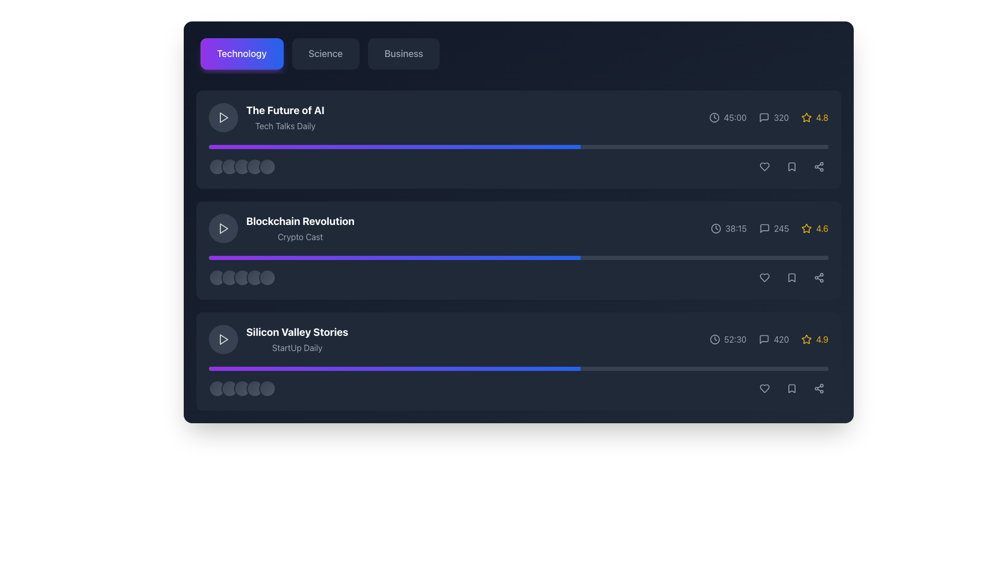 Image resolution: width=1005 pixels, height=565 pixels. Describe the element at coordinates (774, 117) in the screenshot. I see `the numeric counter displaying '320' styled with gray text color, which is located adjacent to a chat bubble icon within the metadata section of a content item` at that location.